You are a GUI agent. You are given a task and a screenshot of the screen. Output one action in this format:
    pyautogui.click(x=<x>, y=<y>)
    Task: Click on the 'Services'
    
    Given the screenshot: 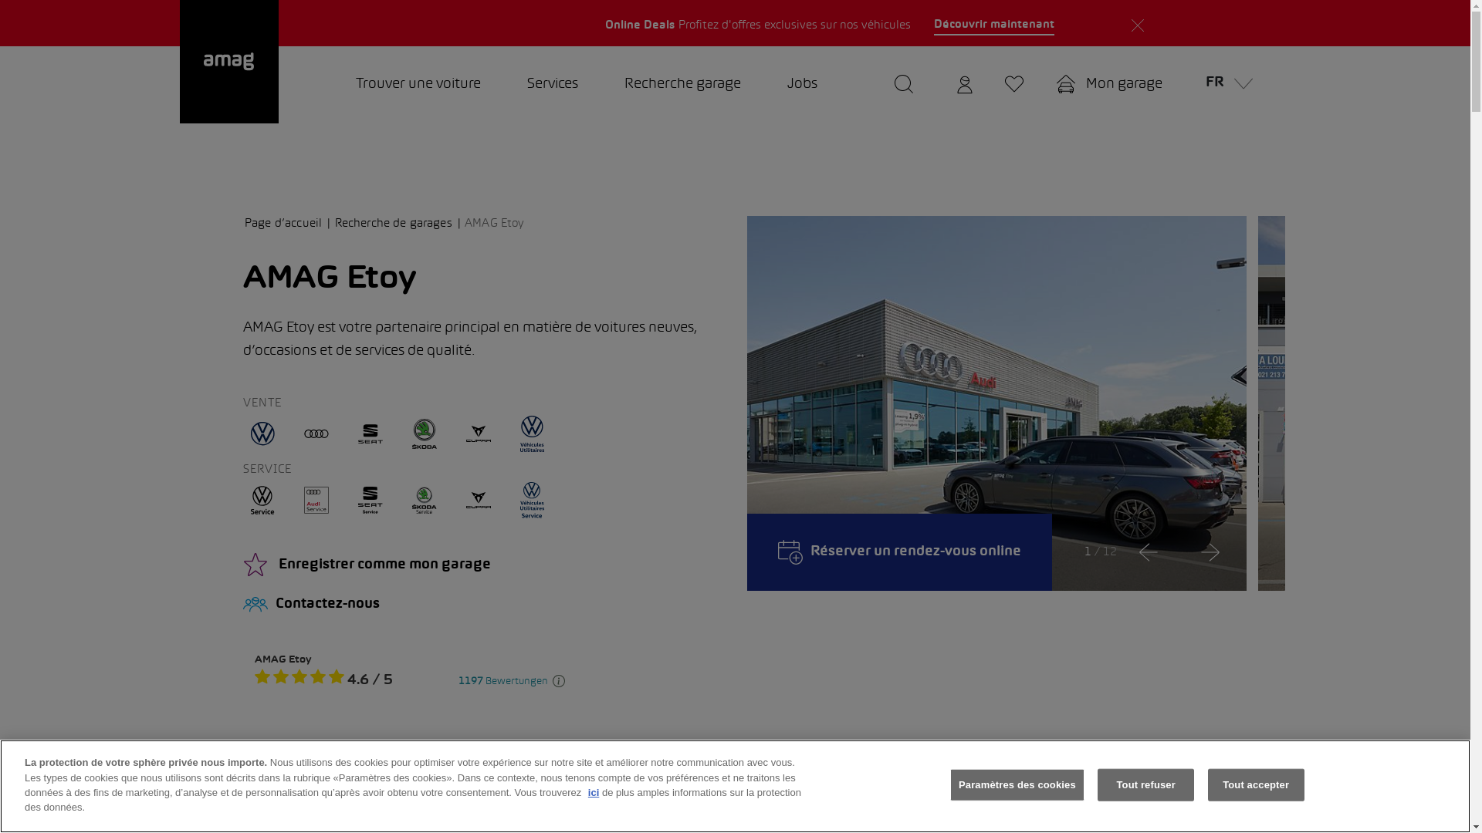 What is the action you would take?
    pyautogui.click(x=552, y=85)
    